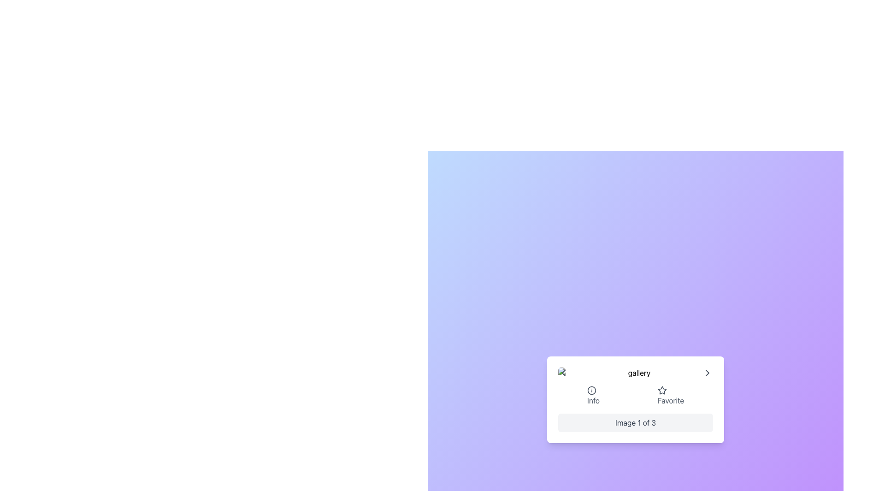  What do you see at coordinates (593, 396) in the screenshot?
I see `the Interactive Button with the information icon and 'Info' text` at bounding box center [593, 396].